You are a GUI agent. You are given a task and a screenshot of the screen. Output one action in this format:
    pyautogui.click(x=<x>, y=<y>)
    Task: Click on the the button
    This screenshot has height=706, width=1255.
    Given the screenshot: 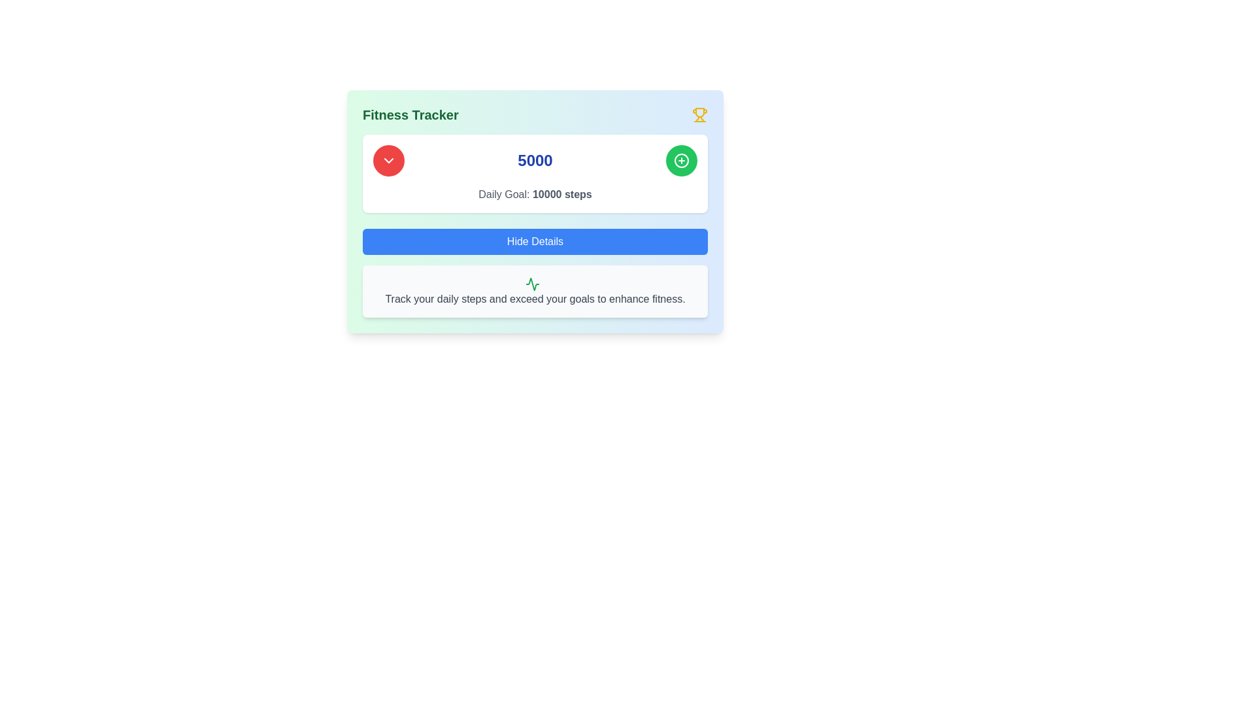 What is the action you would take?
    pyautogui.click(x=680, y=160)
    